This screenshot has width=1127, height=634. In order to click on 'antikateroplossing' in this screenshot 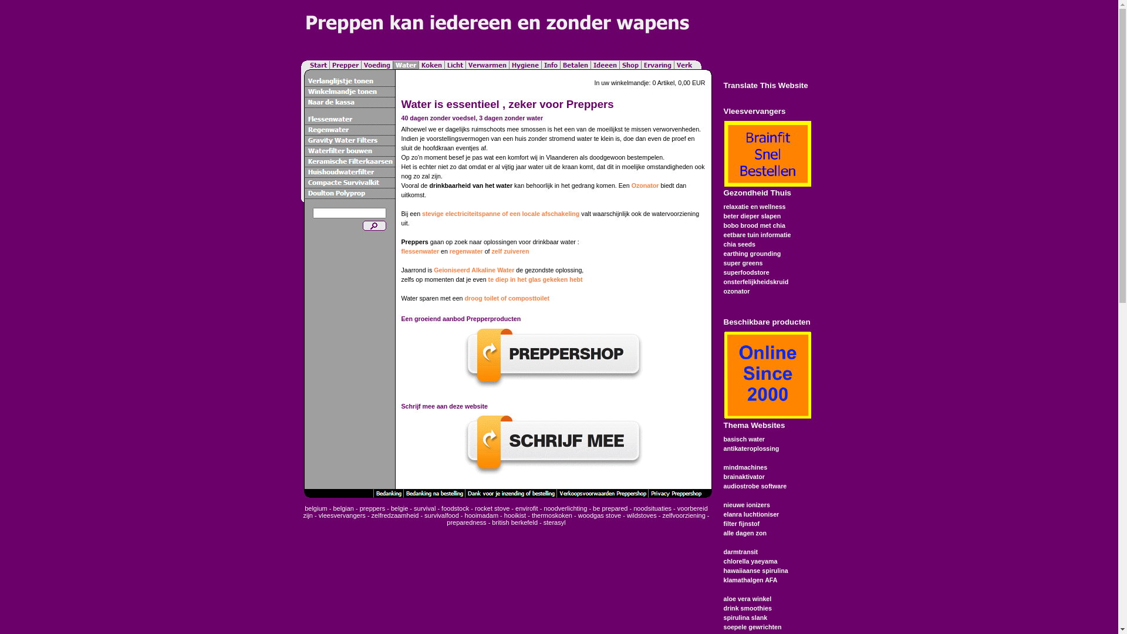, I will do `click(750, 448)`.